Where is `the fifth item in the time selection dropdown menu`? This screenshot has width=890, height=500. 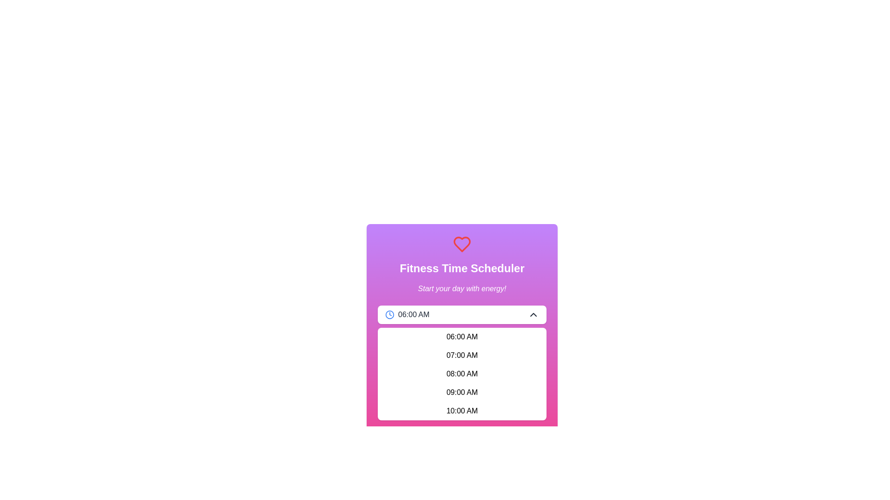
the fifth item in the time selection dropdown menu is located at coordinates (462, 410).